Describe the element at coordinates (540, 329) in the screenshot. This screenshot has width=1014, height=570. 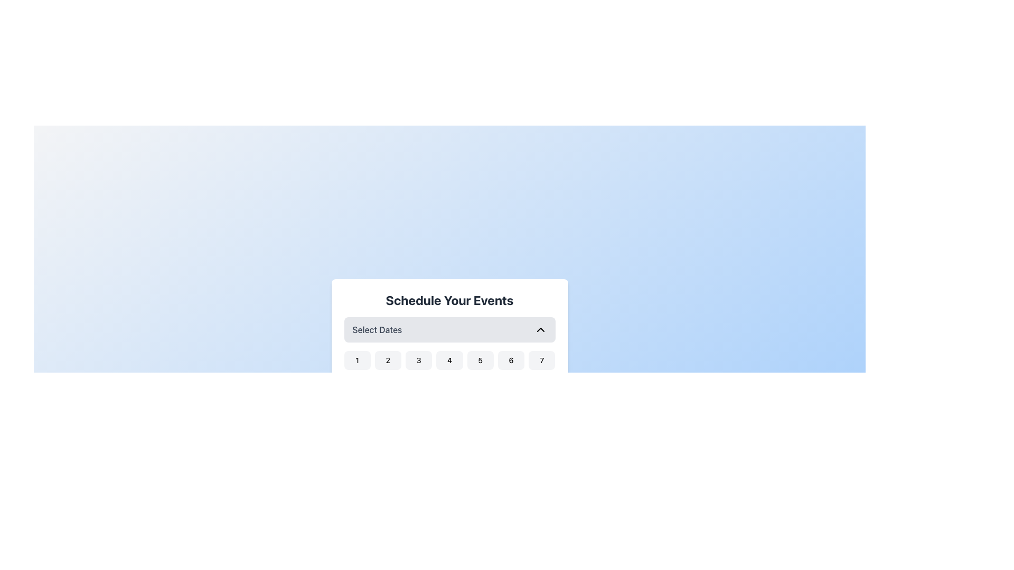
I see `the icon that indicates a toggle or dropdown action, located adjacent to the 'Select Dates' label` at that location.